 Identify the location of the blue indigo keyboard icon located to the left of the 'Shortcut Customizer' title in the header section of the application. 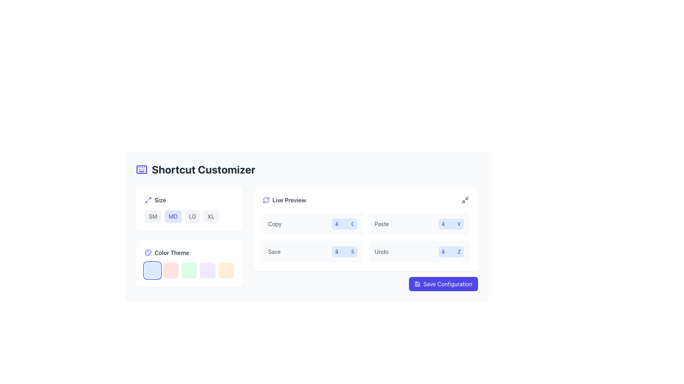
(142, 170).